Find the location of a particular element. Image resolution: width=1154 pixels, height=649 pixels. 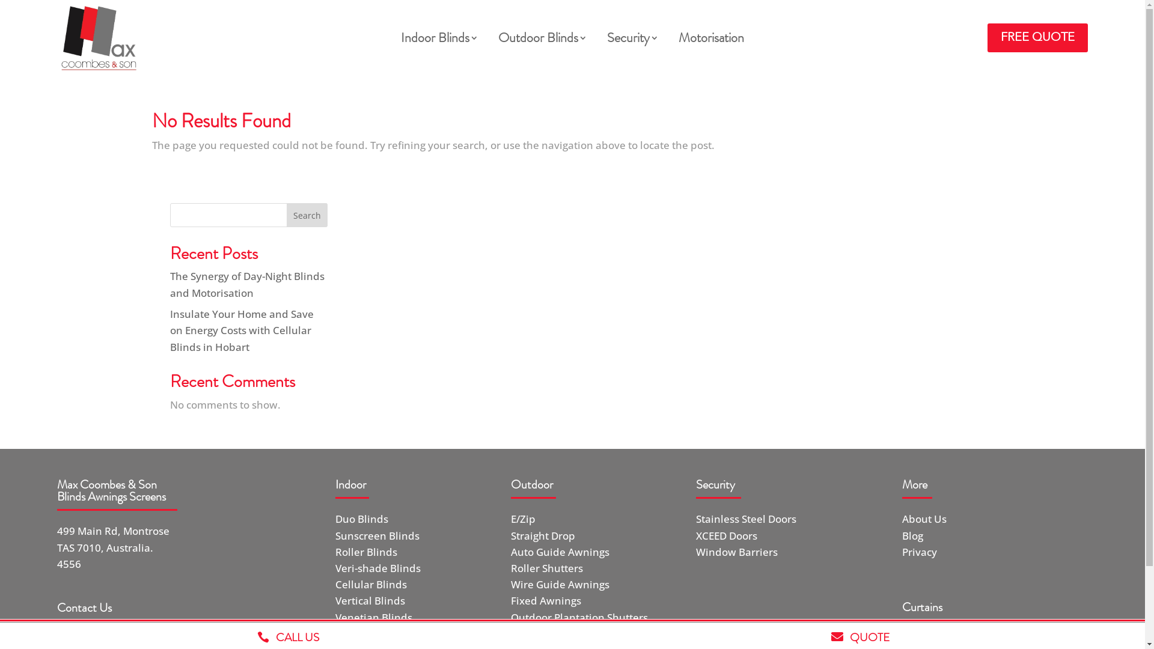

'QUOTE' is located at coordinates (869, 636).